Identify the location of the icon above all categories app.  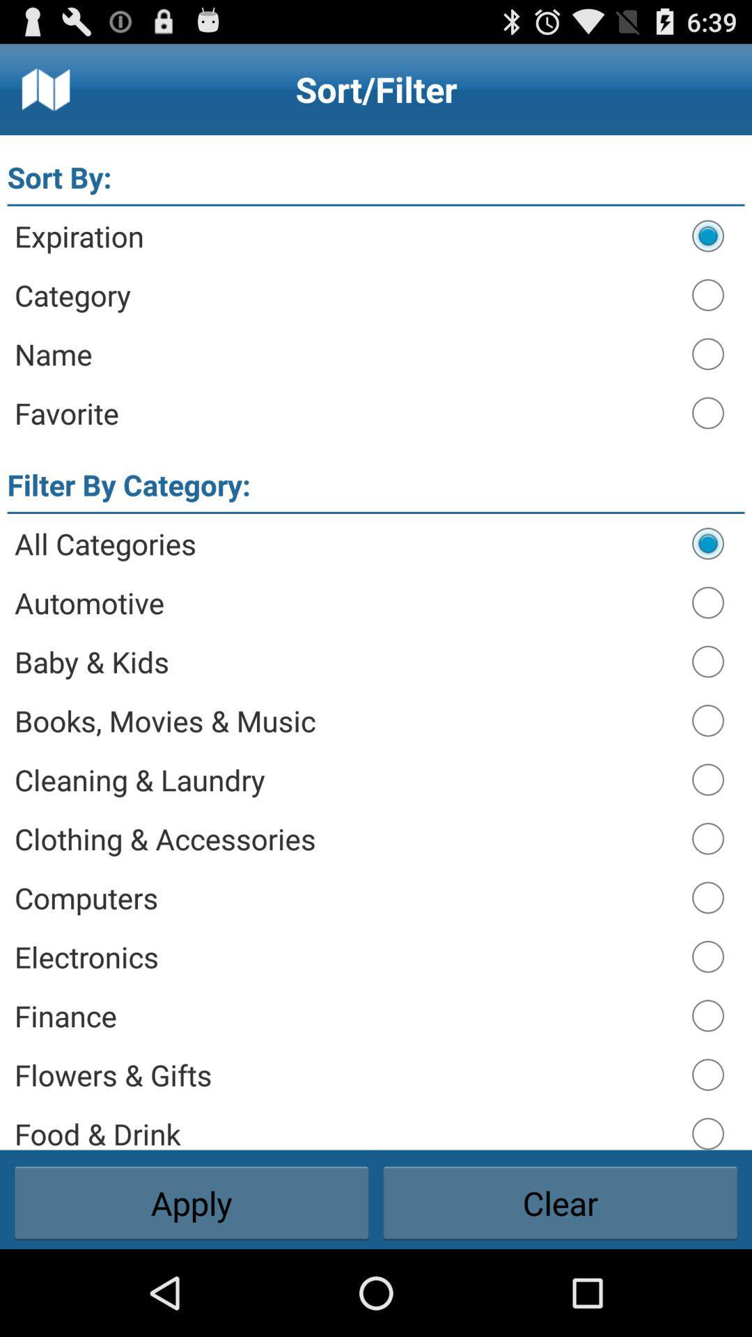
(376, 512).